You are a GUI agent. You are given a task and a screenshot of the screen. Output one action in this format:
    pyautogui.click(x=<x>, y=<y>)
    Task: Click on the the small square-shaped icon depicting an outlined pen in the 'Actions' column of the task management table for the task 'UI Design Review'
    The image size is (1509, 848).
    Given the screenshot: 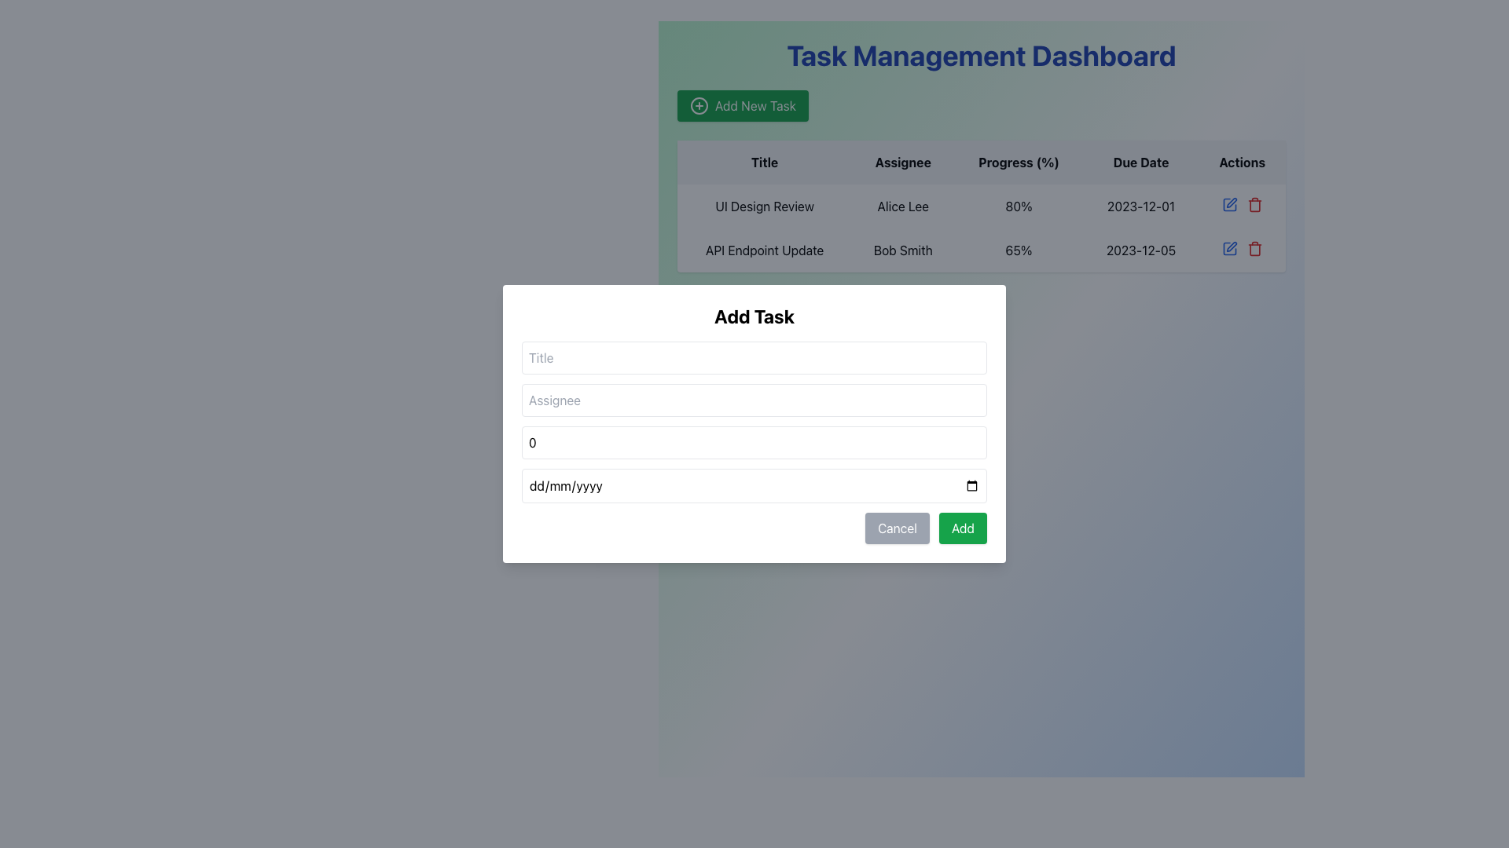 What is the action you would take?
    pyautogui.click(x=1228, y=204)
    